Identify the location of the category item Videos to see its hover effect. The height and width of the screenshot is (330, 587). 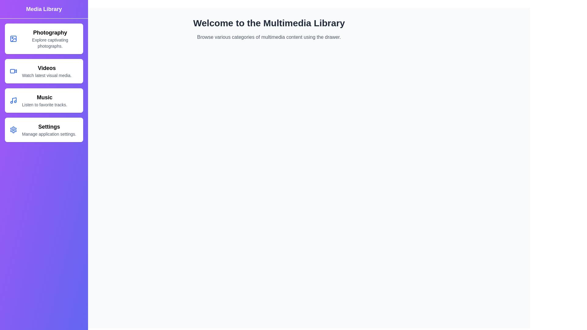
(44, 71).